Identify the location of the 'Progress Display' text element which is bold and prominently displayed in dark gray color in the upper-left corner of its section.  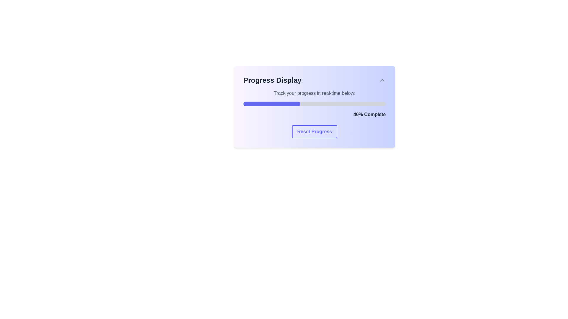
(272, 80).